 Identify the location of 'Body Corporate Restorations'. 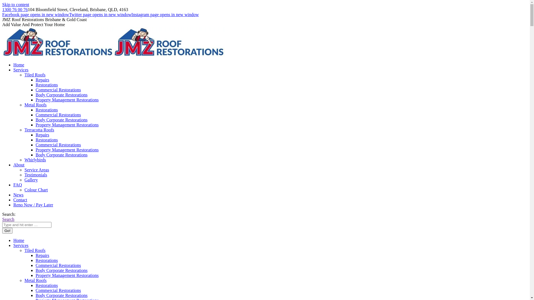
(61, 119).